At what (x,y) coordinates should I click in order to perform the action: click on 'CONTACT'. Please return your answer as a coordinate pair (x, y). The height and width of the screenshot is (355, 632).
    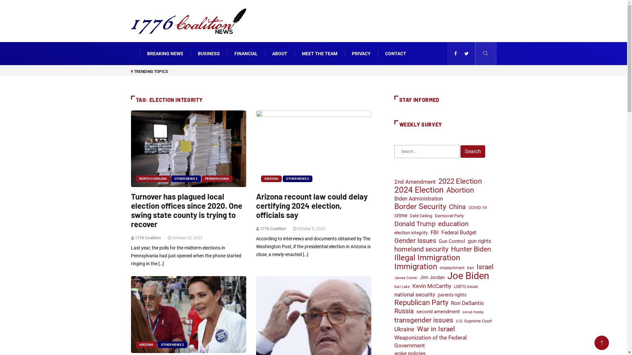
    Looking at the image, I should click on (378, 53).